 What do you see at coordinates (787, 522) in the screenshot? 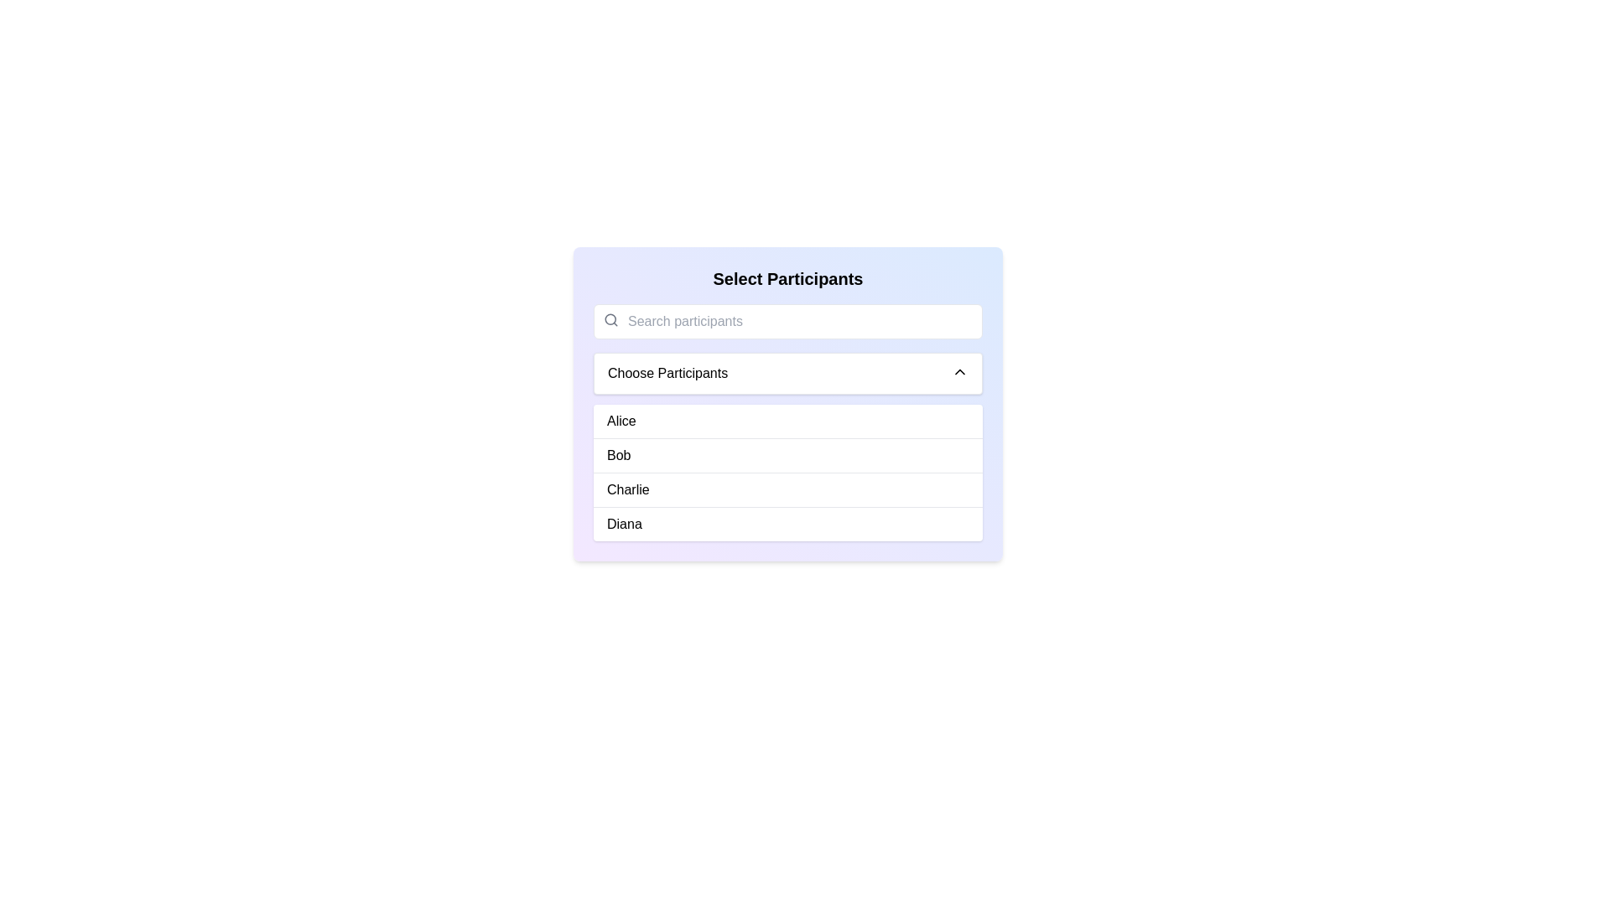
I see `the fourth selectable list item labeled 'Diana'` at bounding box center [787, 522].